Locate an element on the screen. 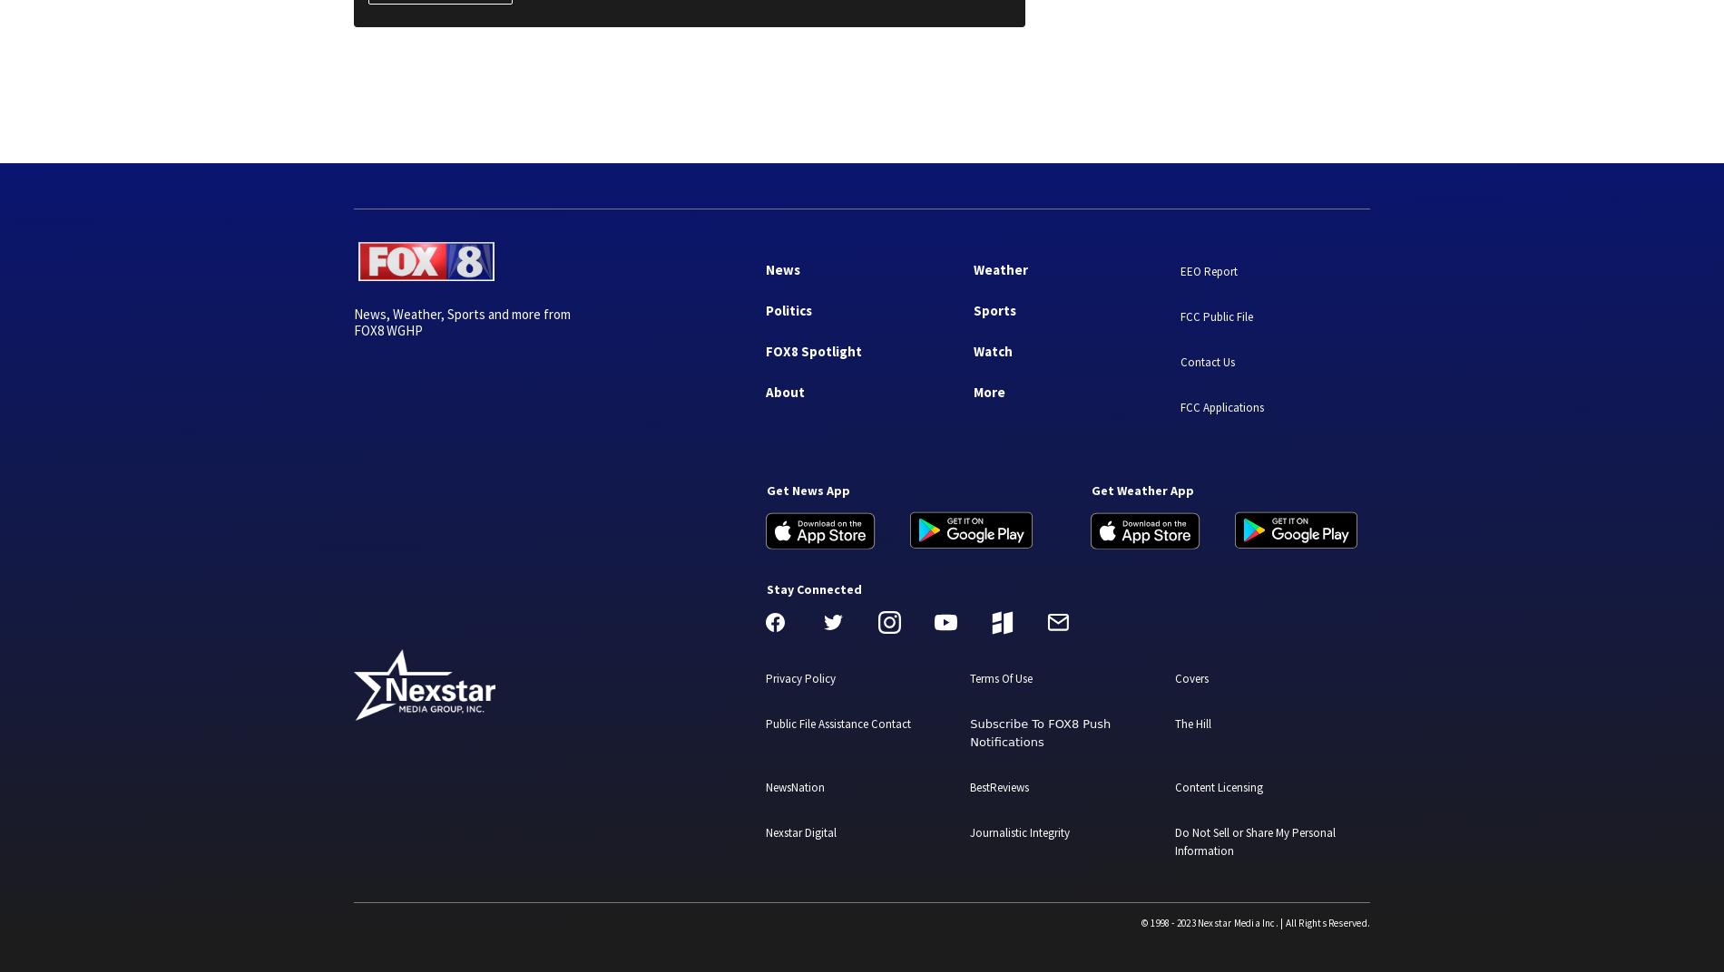 The image size is (1724, 972). 'Contact Us' is located at coordinates (1206, 362).